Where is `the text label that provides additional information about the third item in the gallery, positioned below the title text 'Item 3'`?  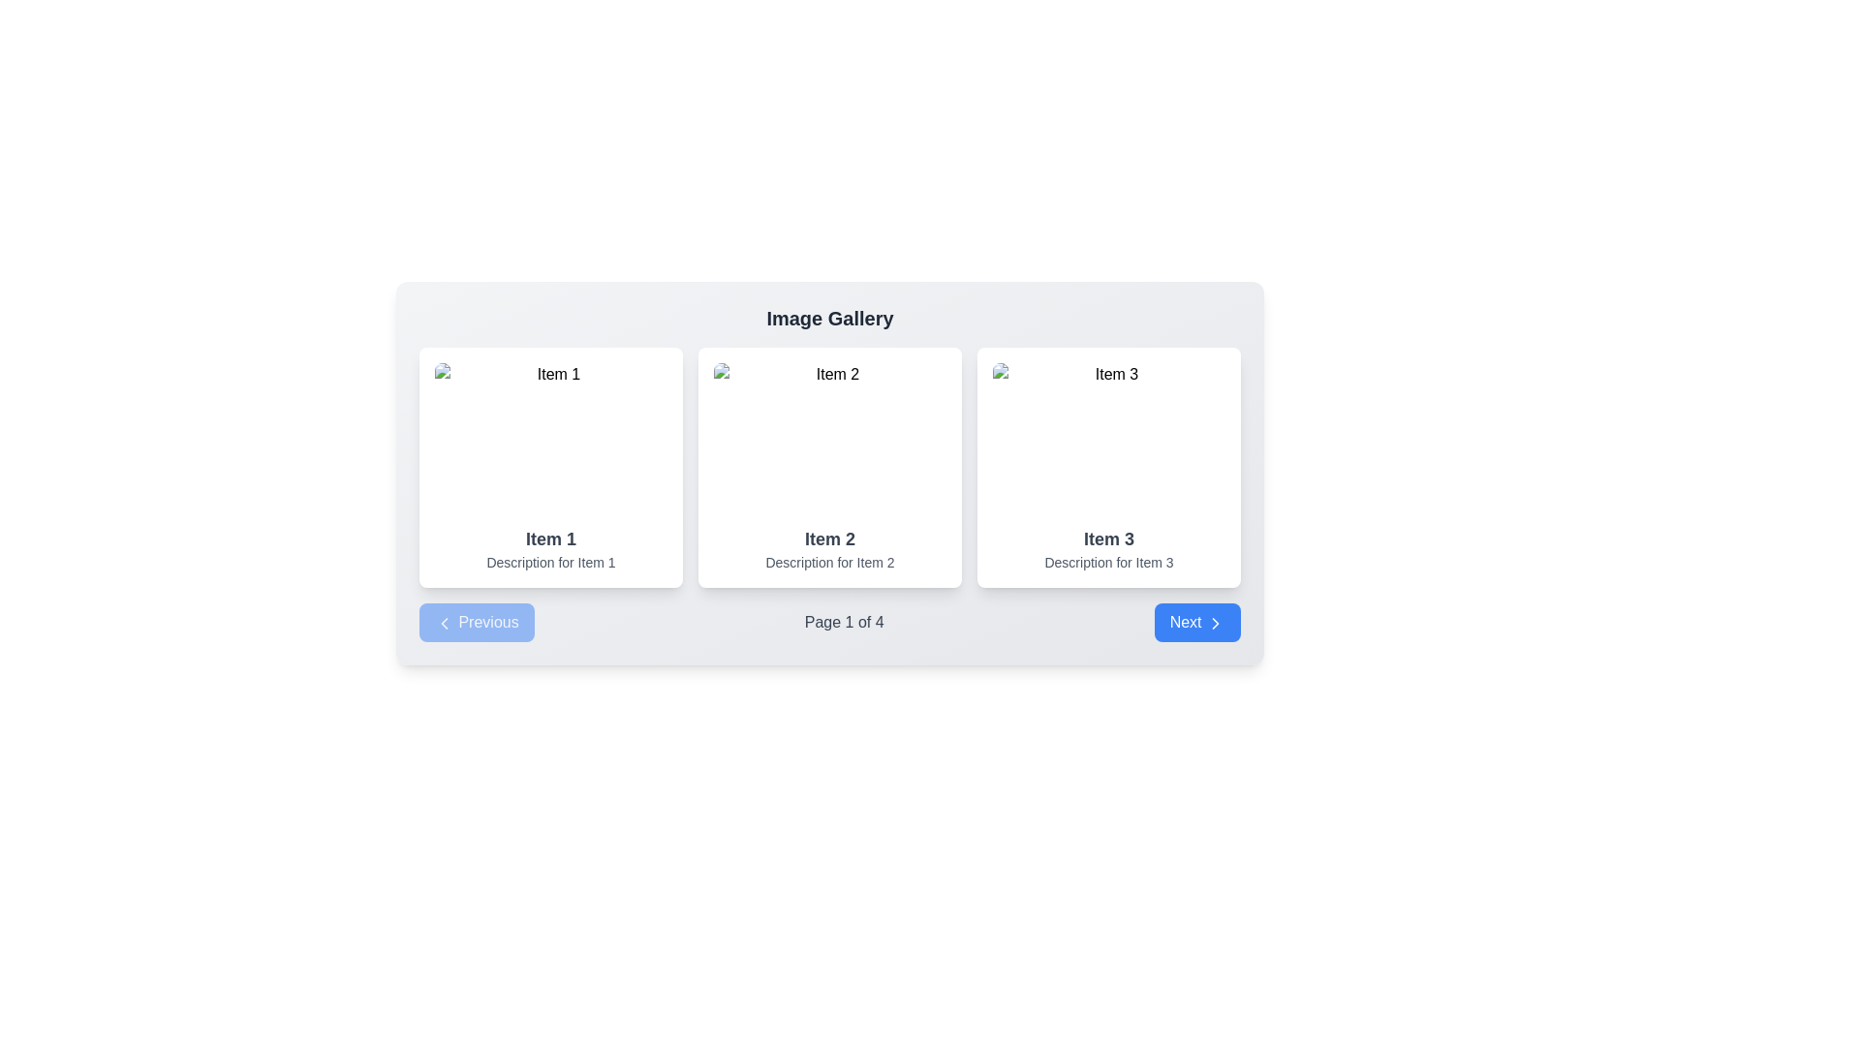 the text label that provides additional information about the third item in the gallery, positioned below the title text 'Item 3' is located at coordinates (1109, 563).